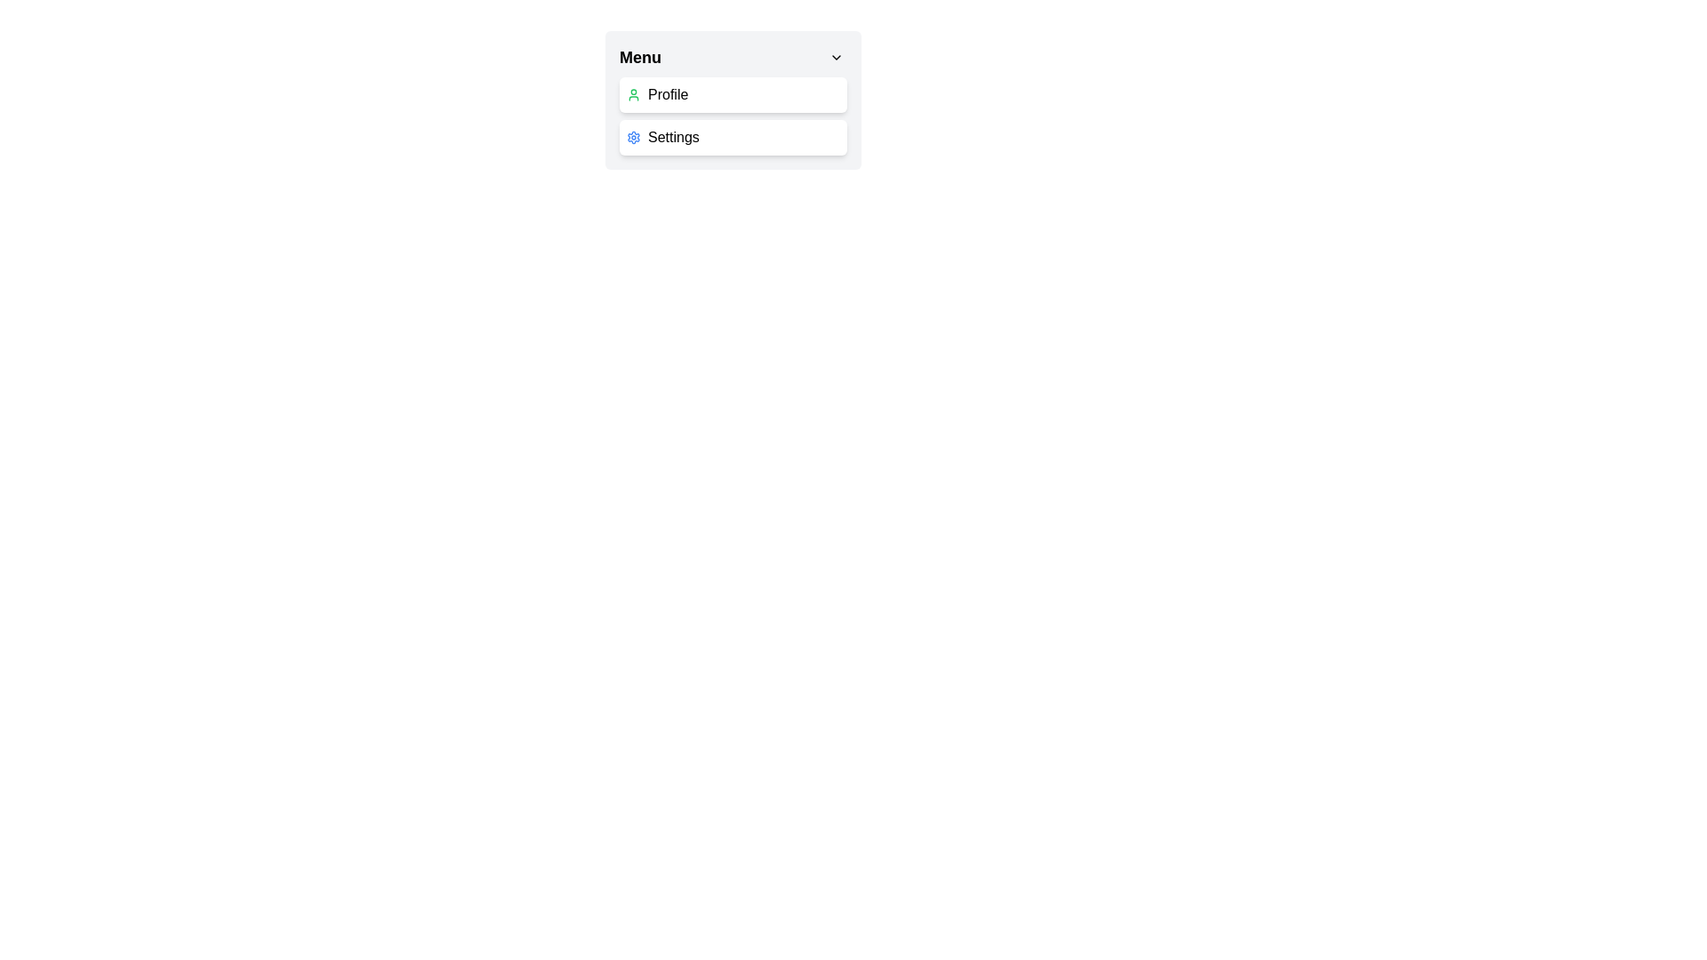 The width and height of the screenshot is (1707, 960). Describe the element at coordinates (733, 95) in the screenshot. I see `profile navigation button located directly above the 'Settings' element in the 'Menu' section` at that location.